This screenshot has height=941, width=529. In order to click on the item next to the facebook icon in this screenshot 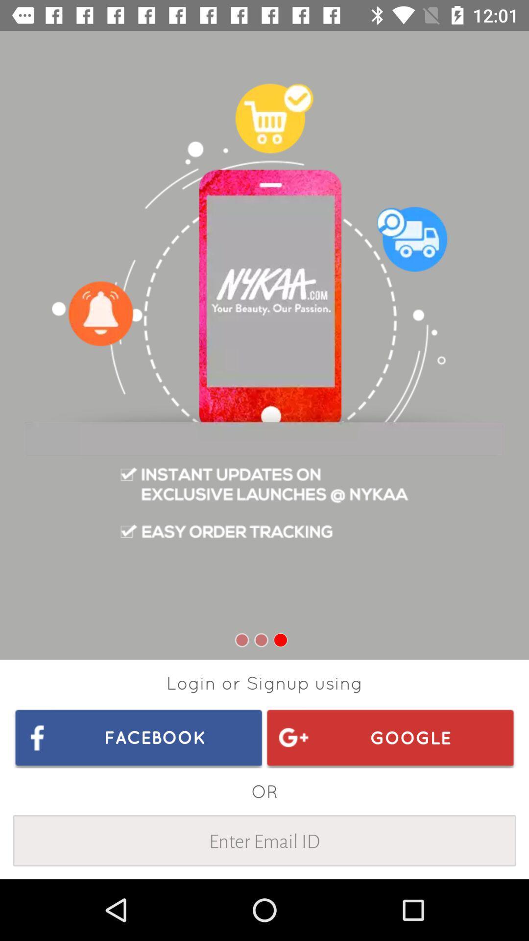, I will do `click(389, 737)`.